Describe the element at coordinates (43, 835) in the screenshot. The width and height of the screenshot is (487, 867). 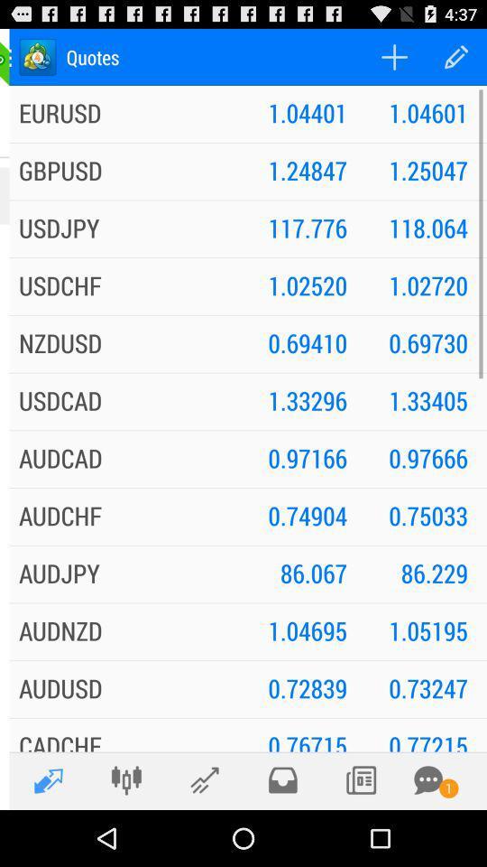
I see `the edit icon` at that location.